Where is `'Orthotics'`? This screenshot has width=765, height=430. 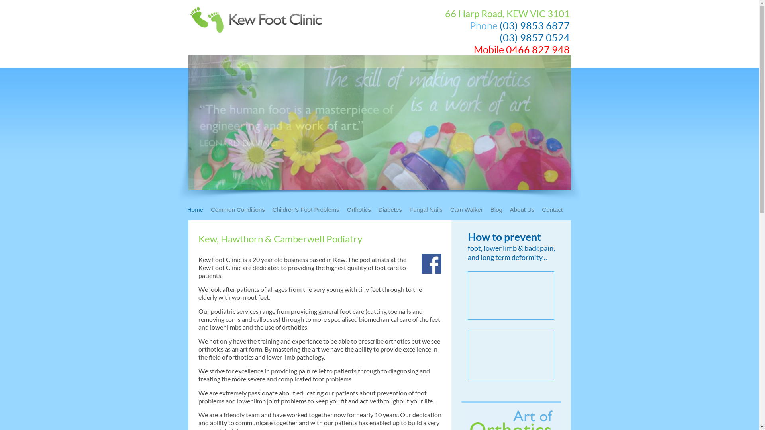
'Orthotics' is located at coordinates (347, 211).